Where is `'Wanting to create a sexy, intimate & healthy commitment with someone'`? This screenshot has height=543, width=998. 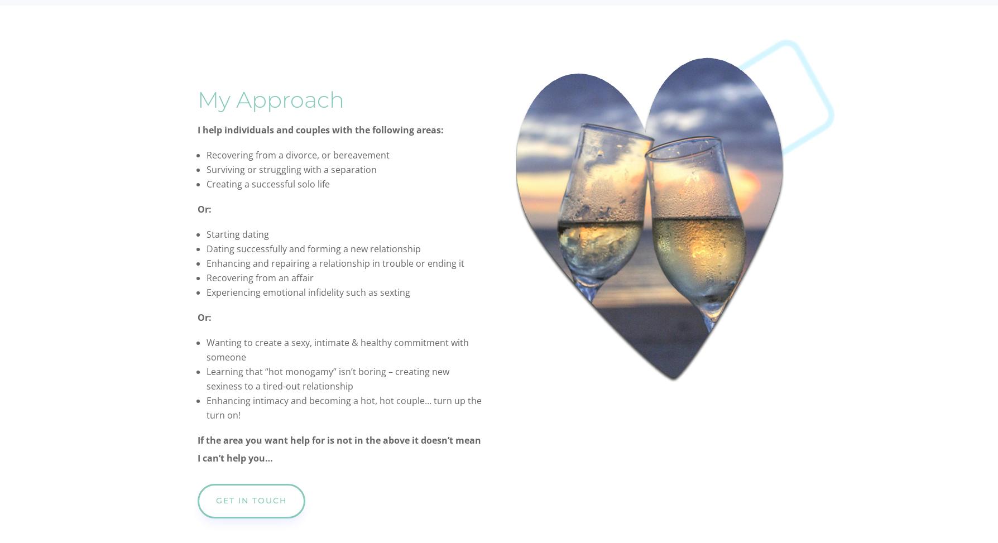 'Wanting to create a sexy, intimate & healthy commitment with someone' is located at coordinates (205, 349).